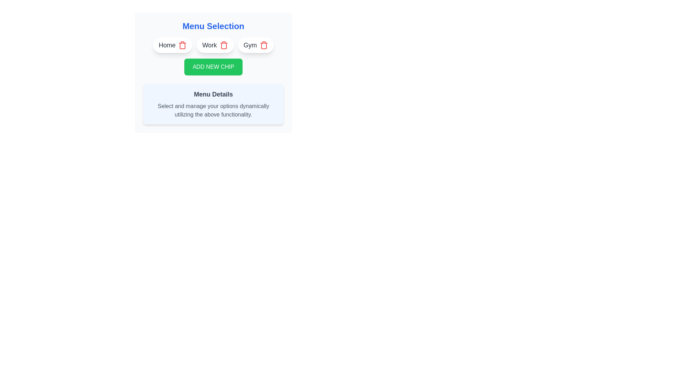  I want to click on trash icon for the chip labeled Home to remove it, so click(183, 45).